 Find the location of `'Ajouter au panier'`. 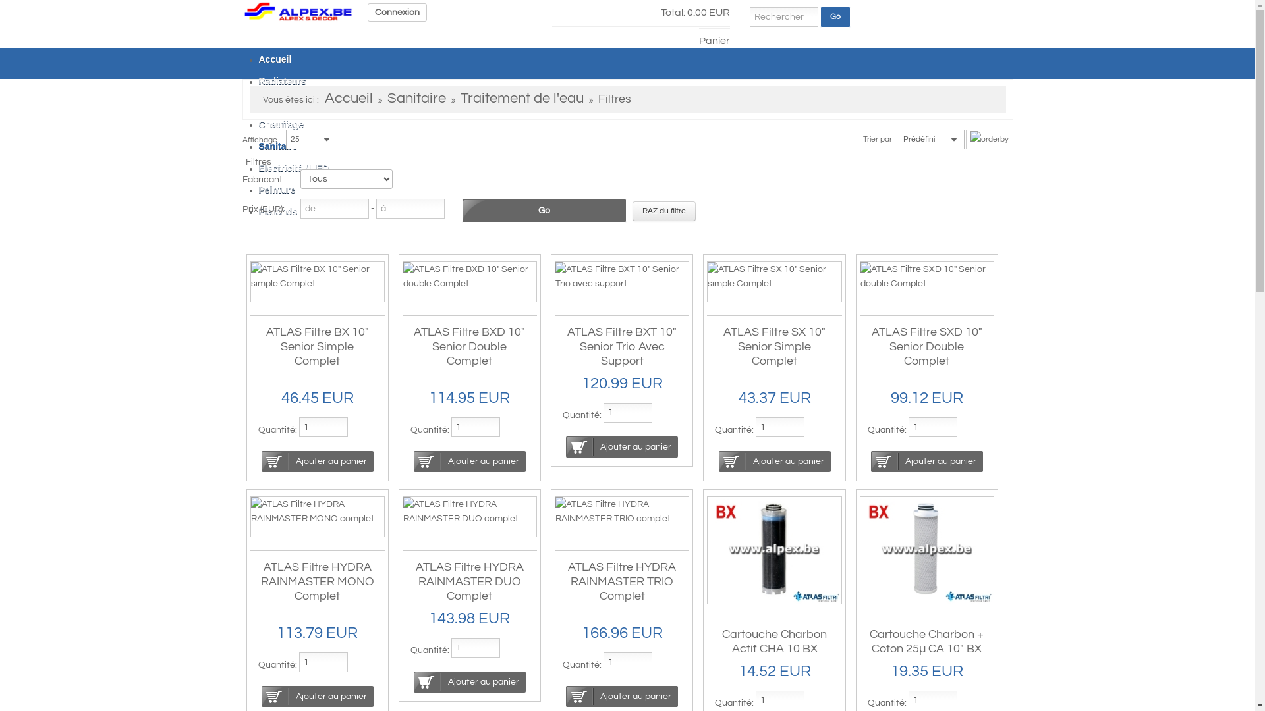

'Ajouter au panier' is located at coordinates (775, 461).